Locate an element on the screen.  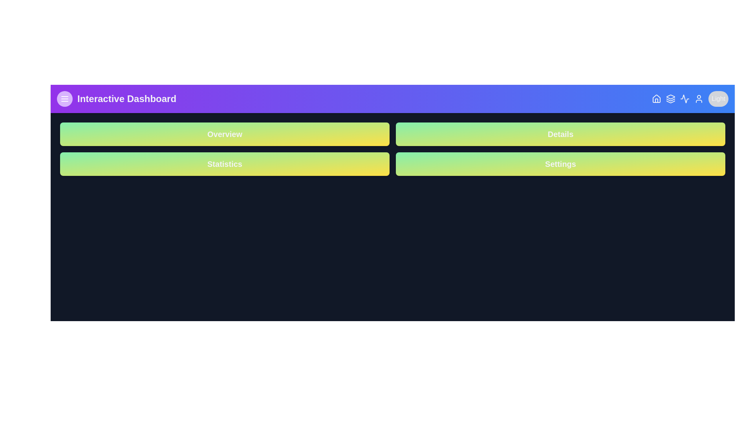
'Light'/'Dark' button to toggle the dark mode is located at coordinates (718, 98).